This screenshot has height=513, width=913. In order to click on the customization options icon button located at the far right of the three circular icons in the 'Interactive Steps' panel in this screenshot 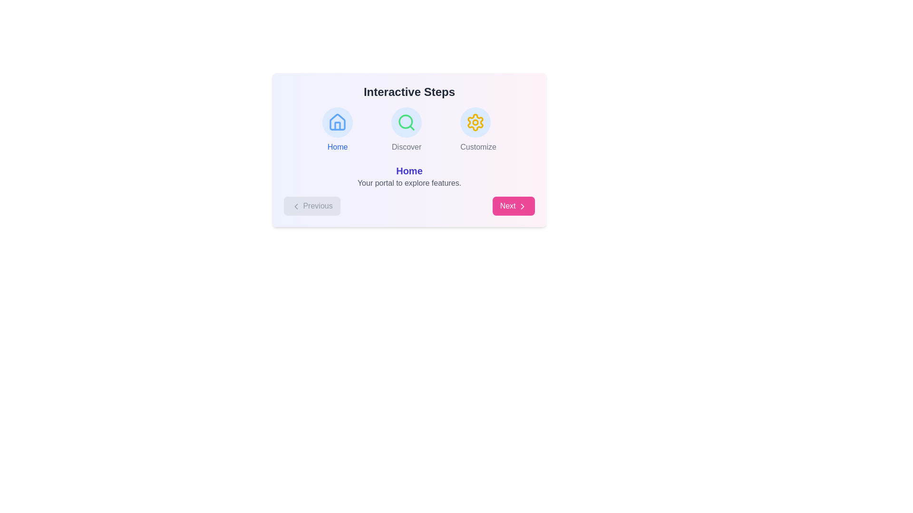, I will do `click(475, 122)`.